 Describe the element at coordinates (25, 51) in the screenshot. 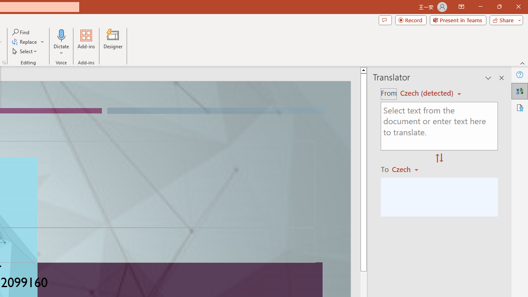

I see `'Select'` at that location.